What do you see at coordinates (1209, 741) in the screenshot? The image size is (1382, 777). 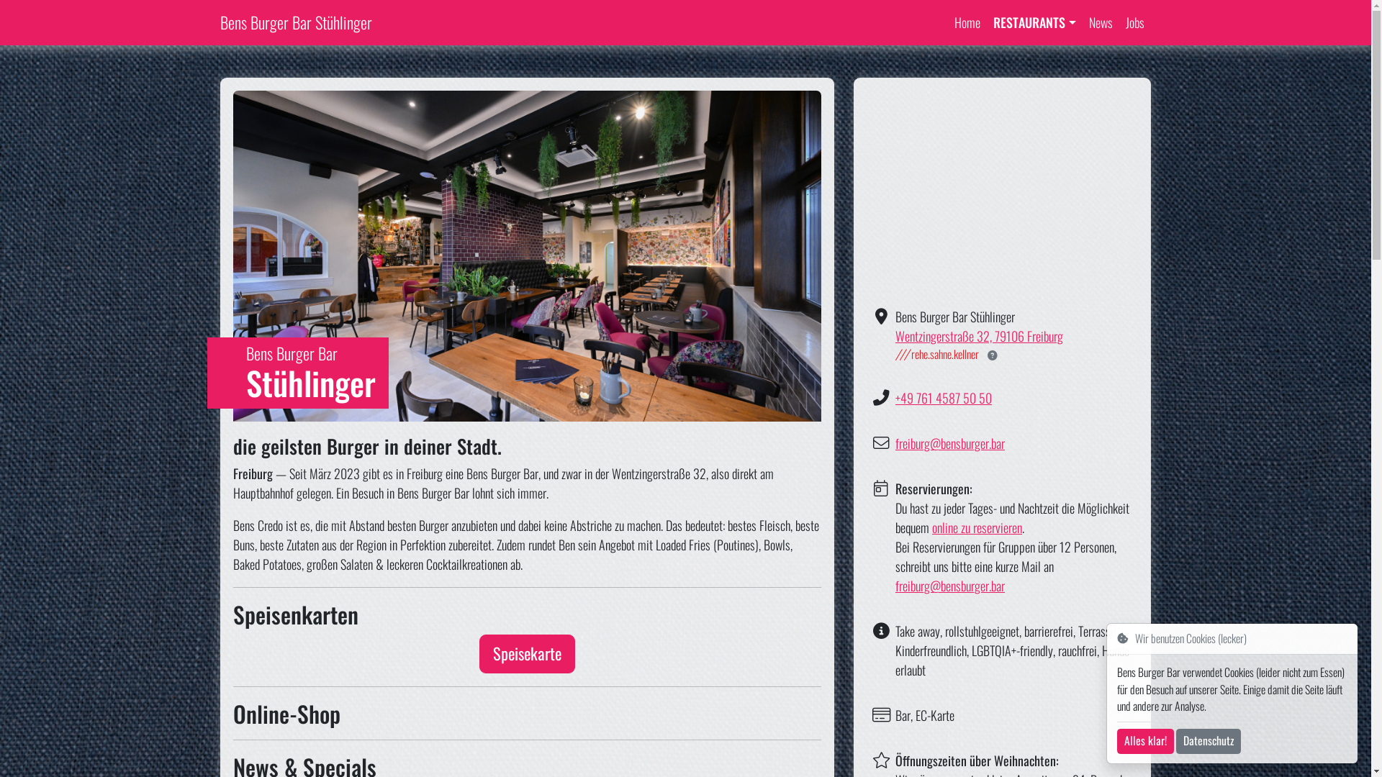 I see `'Datenschutz'` at bounding box center [1209, 741].